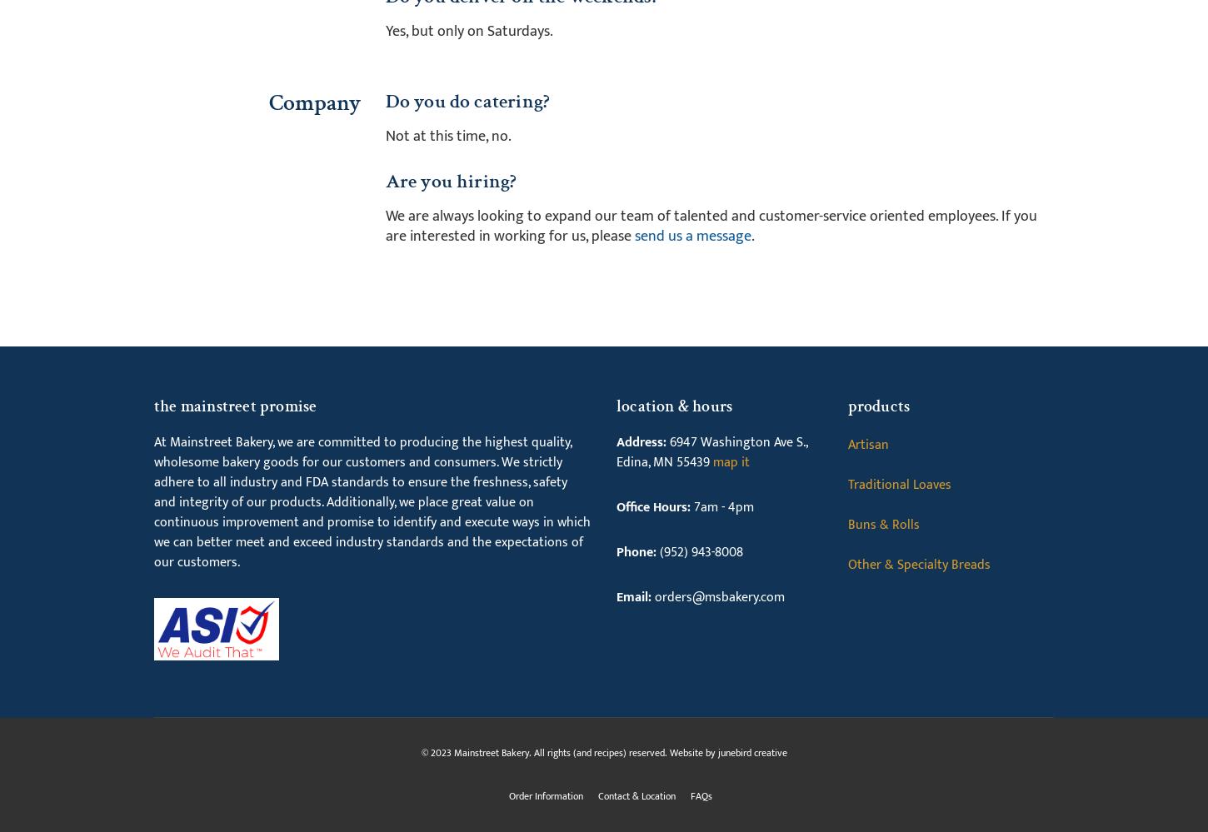  What do you see at coordinates (917, 564) in the screenshot?
I see `'Other & Specialty Breads'` at bounding box center [917, 564].